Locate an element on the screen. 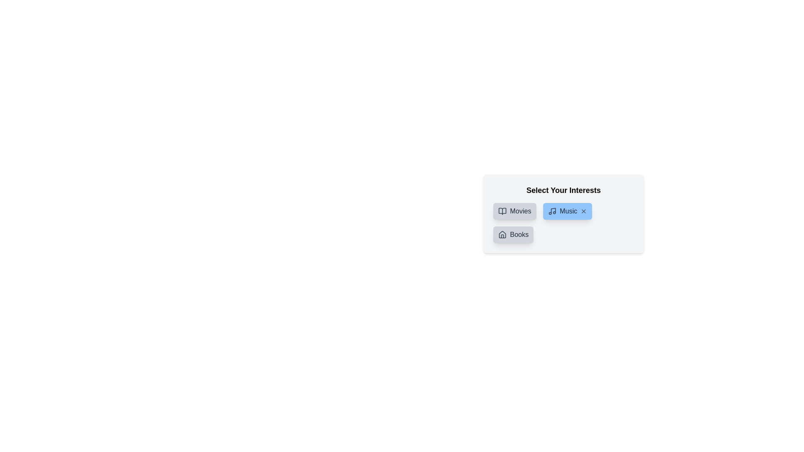  the 'Movies' button to toggle its selection state is located at coordinates (514, 211).